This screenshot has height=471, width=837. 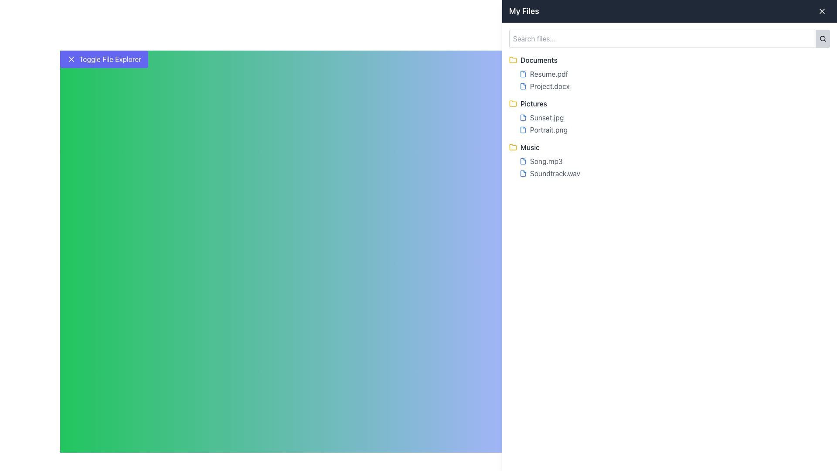 I want to click on the close icon button represented by an 'X' mark in the top-right corner of the 'My Files' panel, so click(x=822, y=11).